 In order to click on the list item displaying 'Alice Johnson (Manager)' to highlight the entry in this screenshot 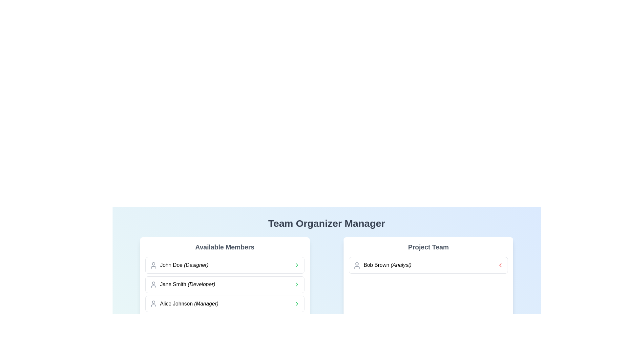, I will do `click(225, 304)`.